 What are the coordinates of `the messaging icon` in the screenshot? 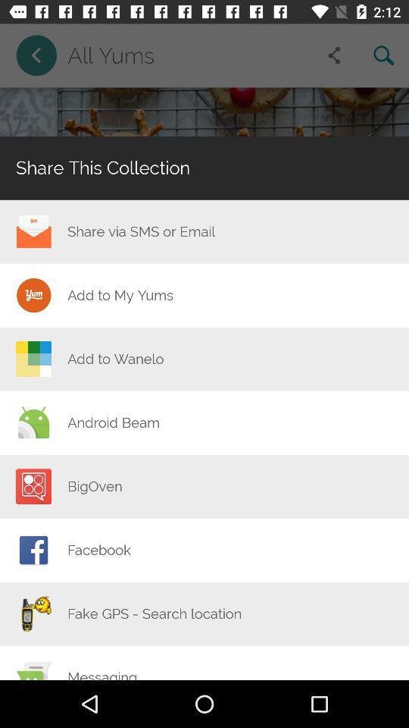 It's located at (102, 673).